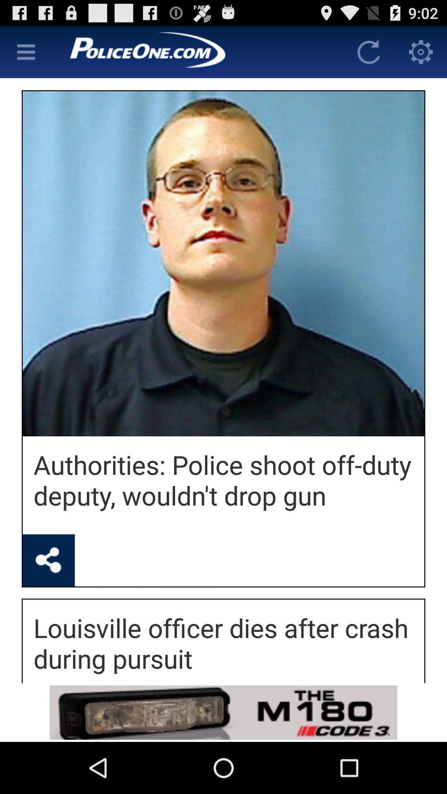 Image resolution: width=447 pixels, height=794 pixels. Describe the element at coordinates (368, 55) in the screenshot. I see `the refresh icon` at that location.